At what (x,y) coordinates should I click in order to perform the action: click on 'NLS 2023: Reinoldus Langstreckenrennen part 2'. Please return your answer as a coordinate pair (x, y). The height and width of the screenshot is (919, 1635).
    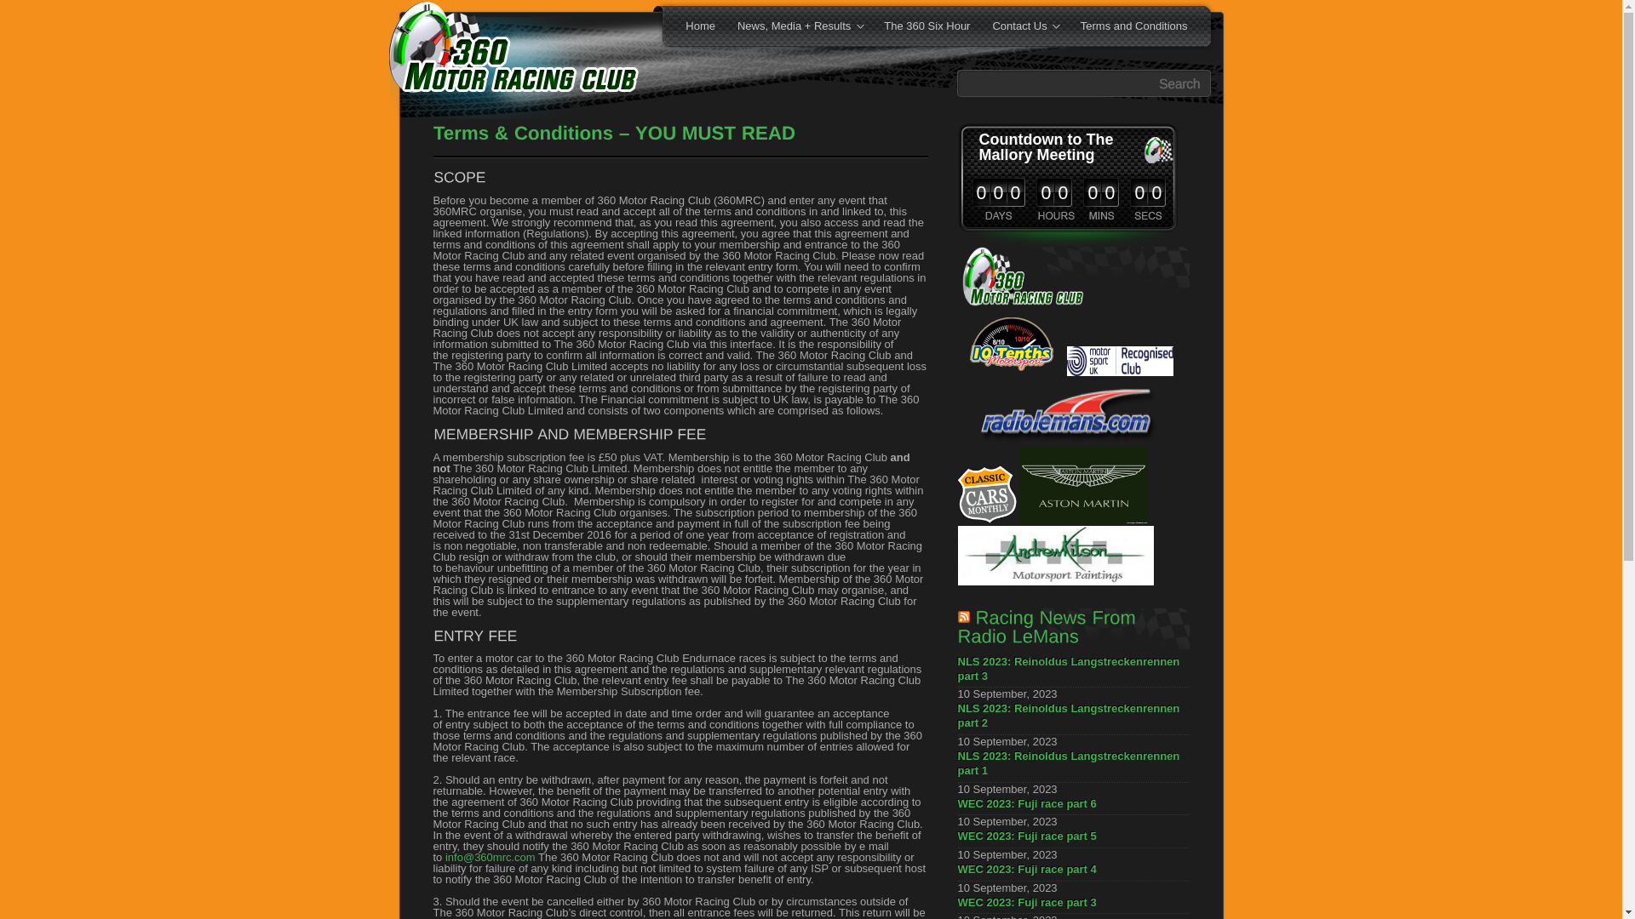
    Looking at the image, I should click on (956, 718).